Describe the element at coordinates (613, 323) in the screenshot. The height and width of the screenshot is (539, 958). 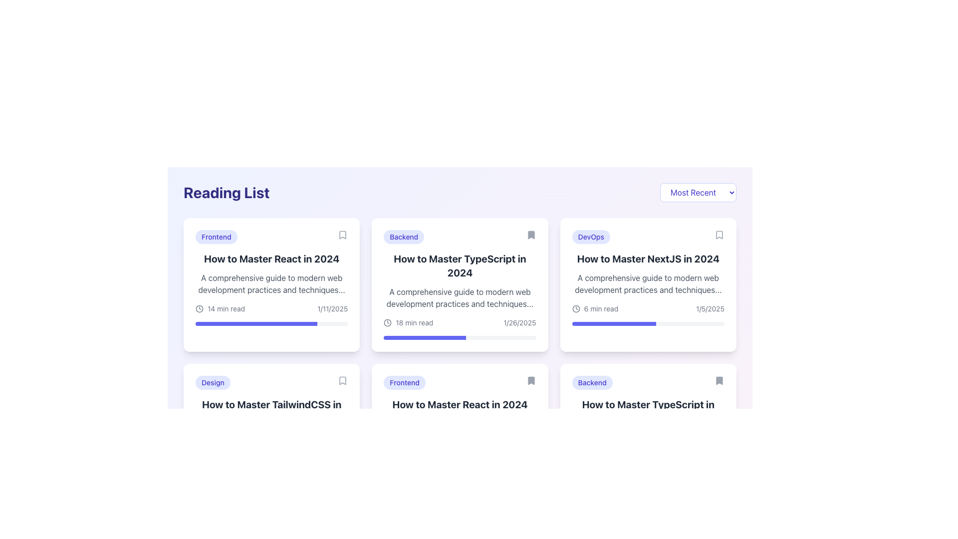
I see `the indigo-colored filled area of the progress bar segment in the card titled 'How to Master NextJS in 2024', located in the third column of the first row, which represents 55% of the progress` at that location.